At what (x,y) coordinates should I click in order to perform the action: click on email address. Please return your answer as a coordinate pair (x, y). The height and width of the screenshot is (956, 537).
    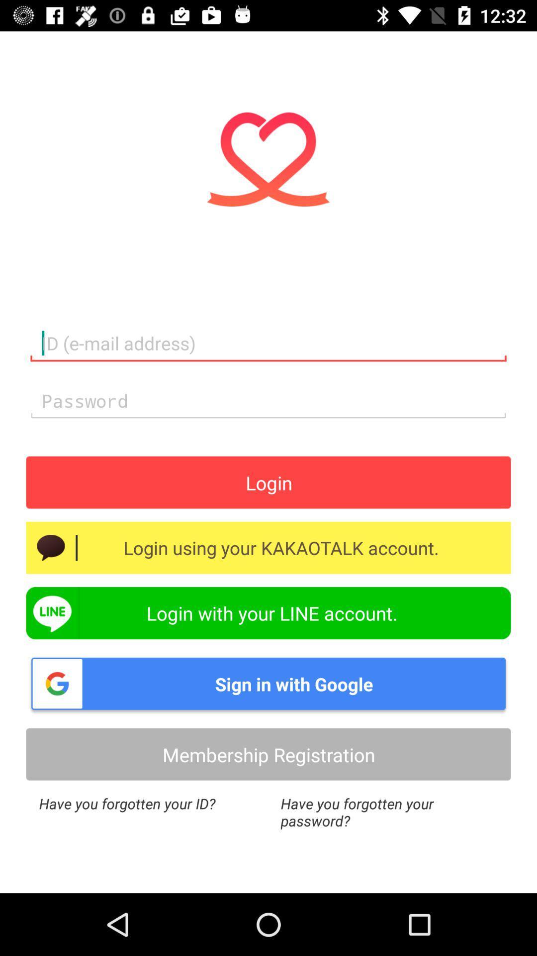
    Looking at the image, I should click on (268, 344).